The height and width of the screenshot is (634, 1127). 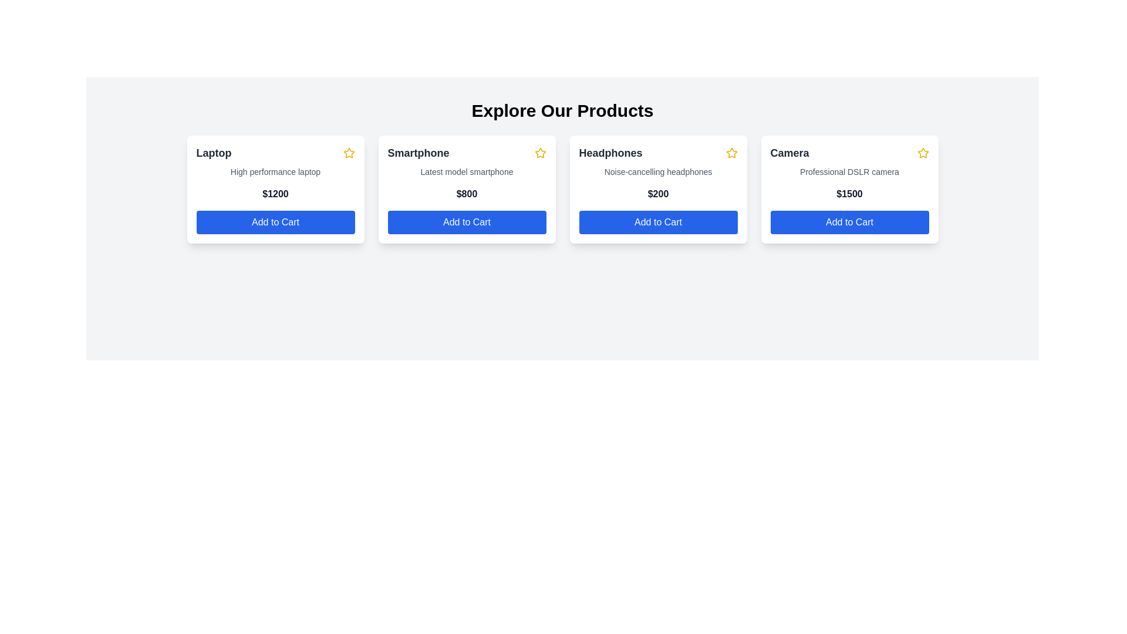 I want to click on the star icon in the top-right corner of the 'Laptop' product card to favorite or unfavorite the item, so click(x=348, y=153).